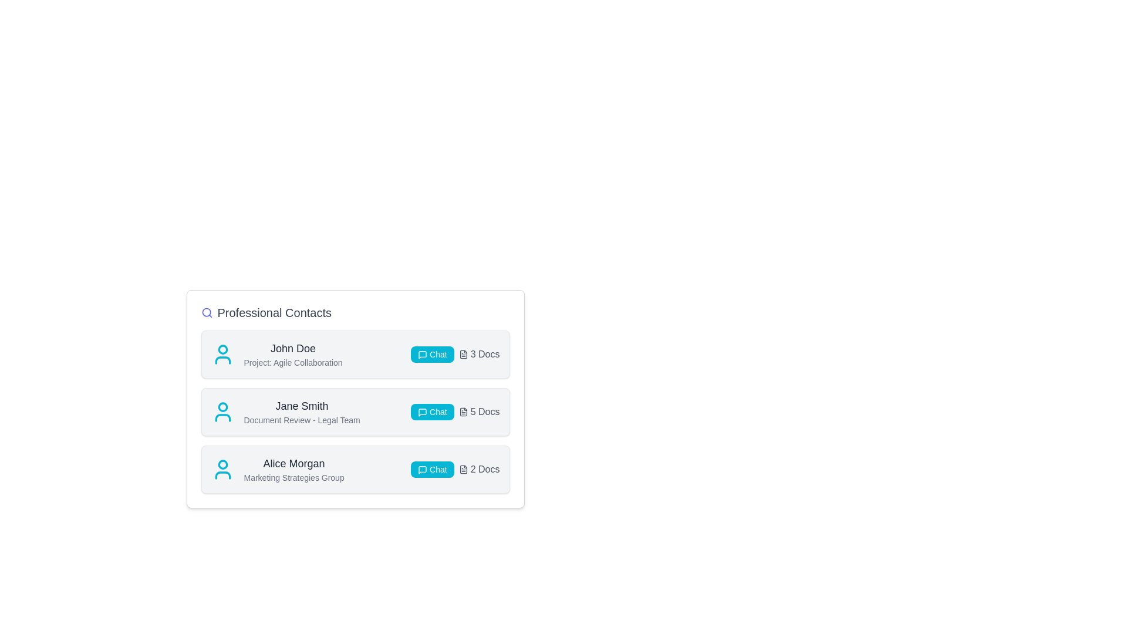 The height and width of the screenshot is (634, 1127). Describe the element at coordinates (431, 412) in the screenshot. I see `the 'Chat' button for the contact Jane Smith` at that location.